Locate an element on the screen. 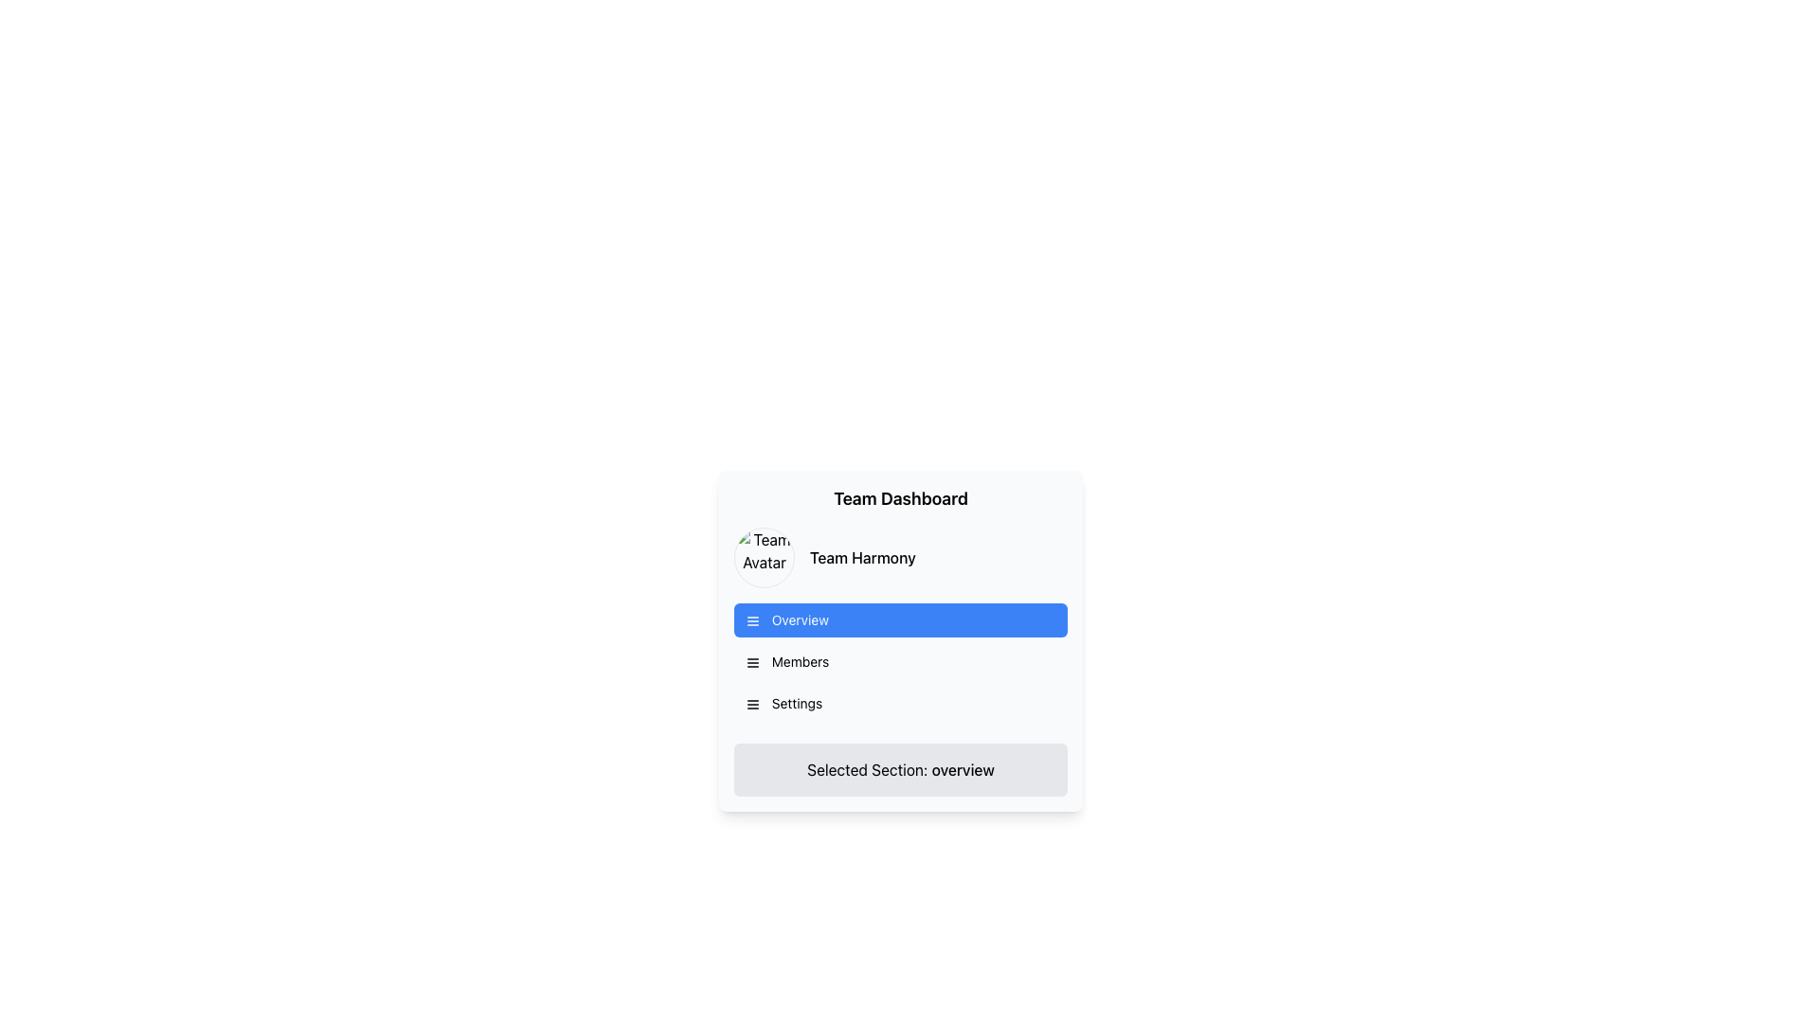 The height and width of the screenshot is (1023, 1819). the menu item in the Navigation Menu of the Team Dashboard is located at coordinates (899, 660).